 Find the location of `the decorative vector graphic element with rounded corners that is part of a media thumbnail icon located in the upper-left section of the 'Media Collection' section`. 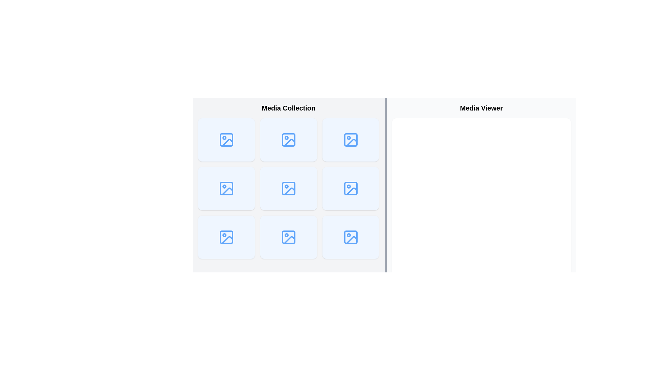

the decorative vector graphic element with rounded corners that is part of a media thumbnail icon located in the upper-left section of the 'Media Collection' section is located at coordinates (226, 139).